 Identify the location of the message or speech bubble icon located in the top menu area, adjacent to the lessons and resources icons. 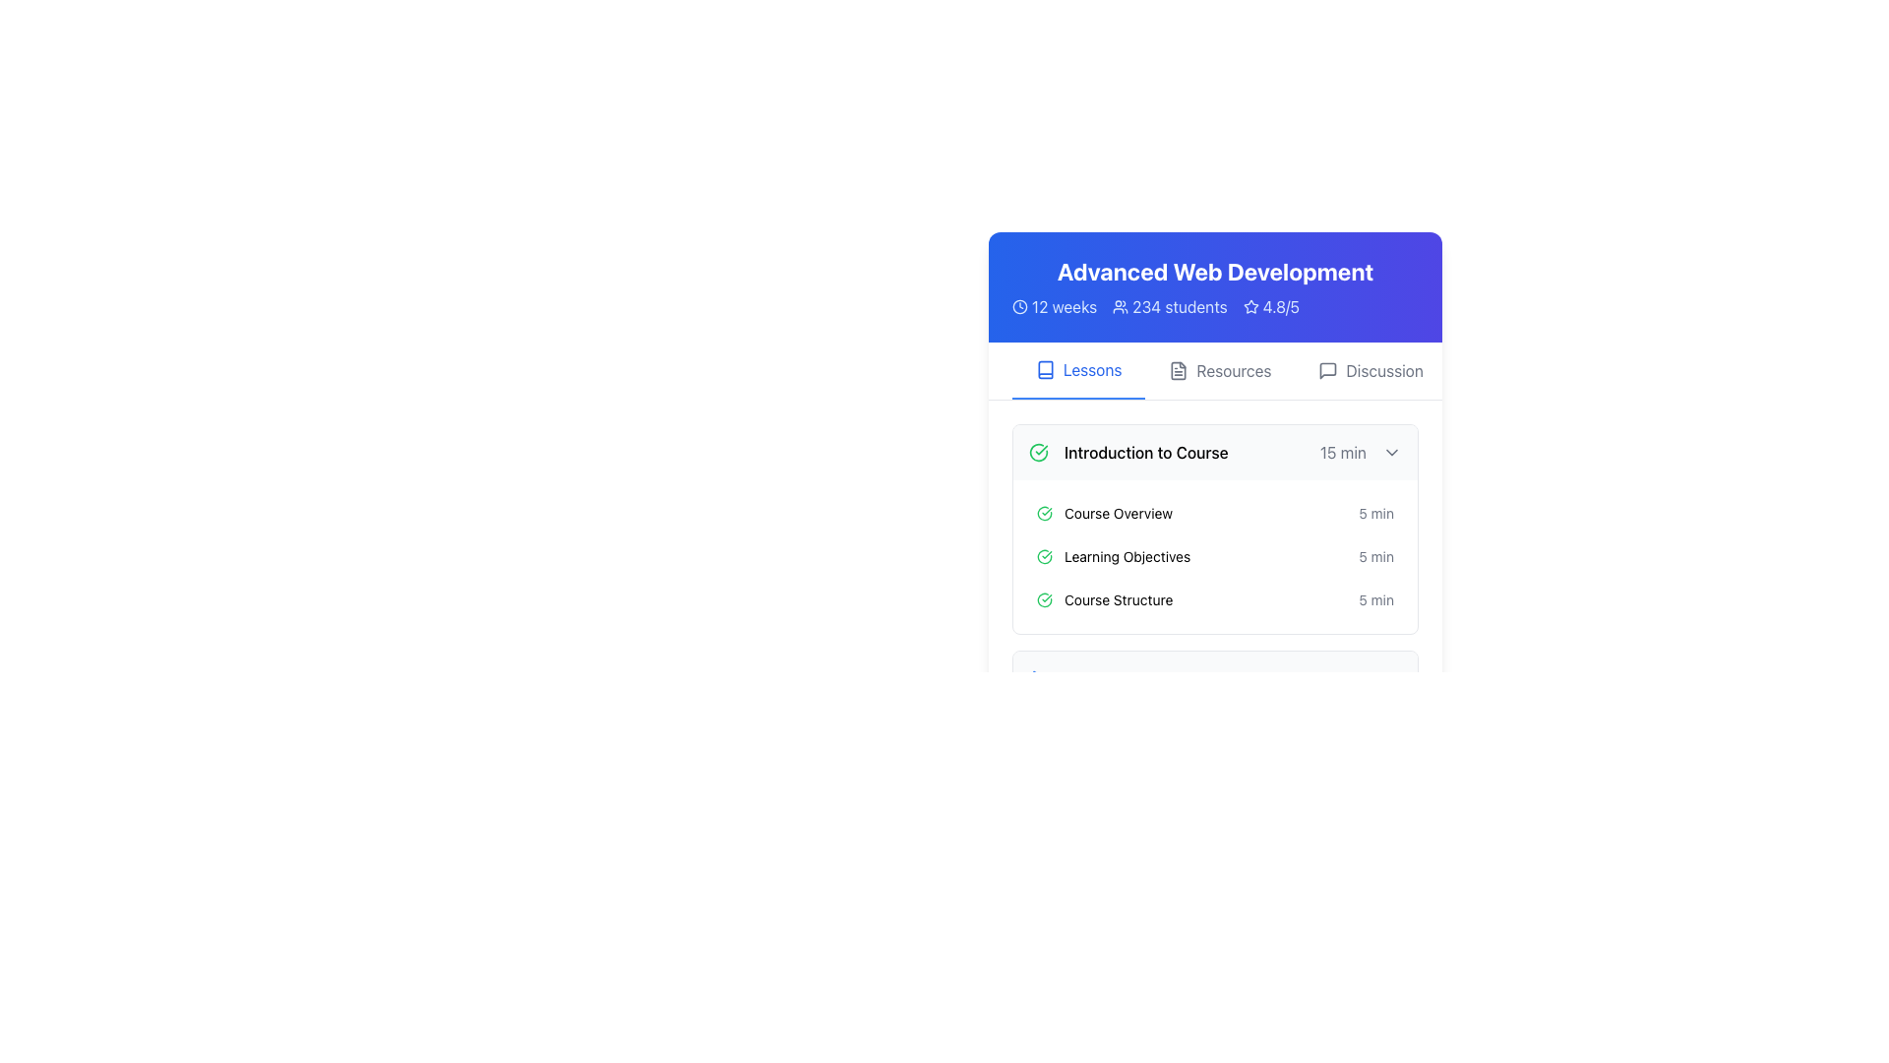
(1328, 371).